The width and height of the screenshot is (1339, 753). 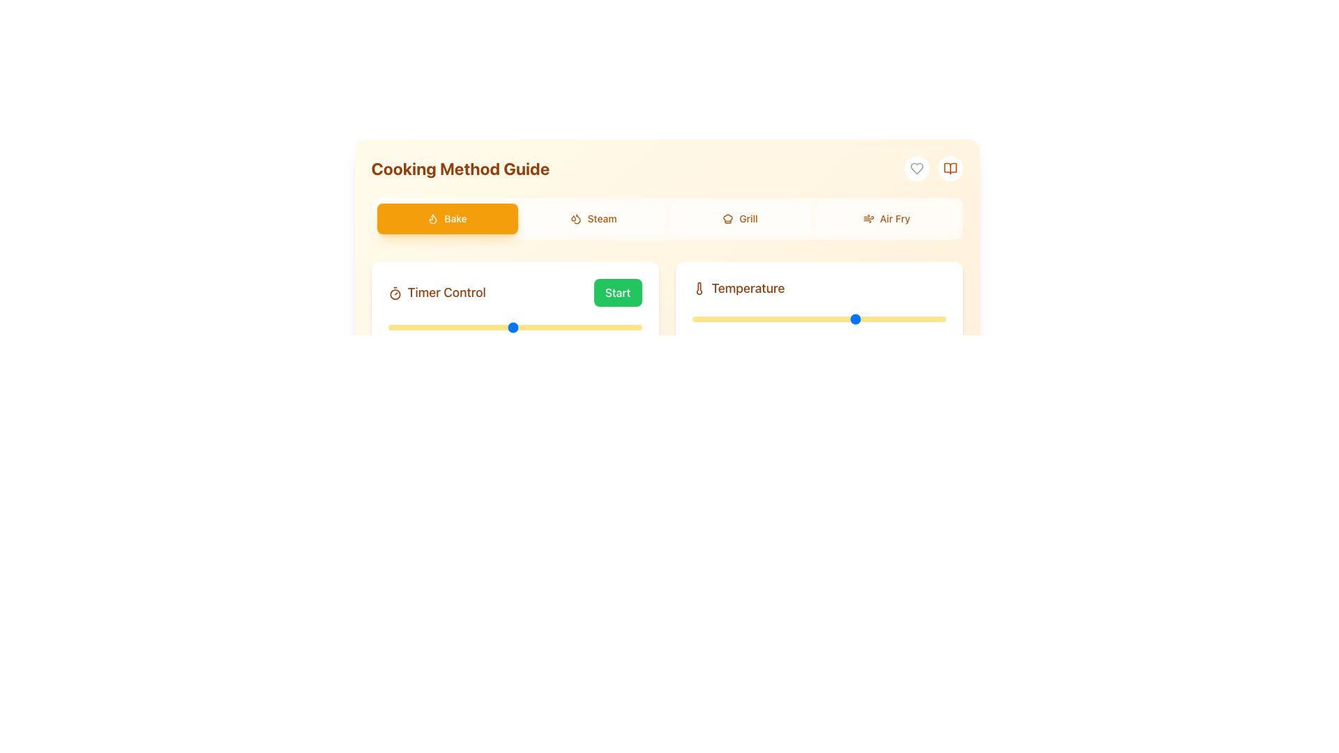 I want to click on the visual appearance of the flame icon associated with the 'Steam' label, positioned second from the left in the row of cooking method options, so click(x=432, y=219).